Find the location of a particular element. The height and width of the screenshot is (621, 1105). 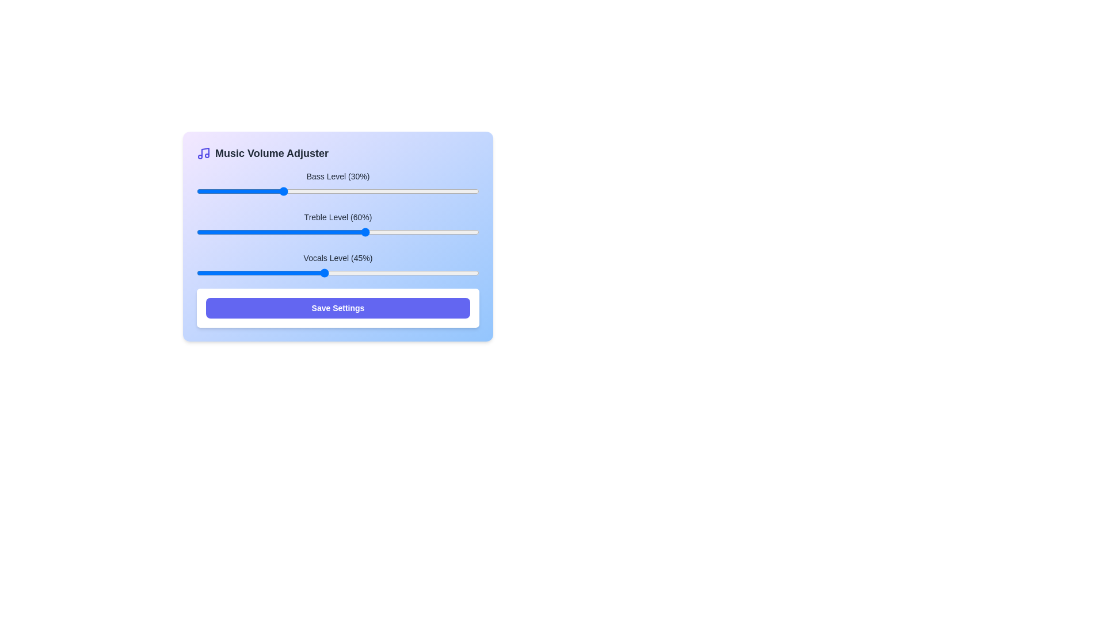

the text label reading 'Treble Level (60%)', which is centrally aligned and has a medium-dark gray color against a light blue background is located at coordinates (337, 217).